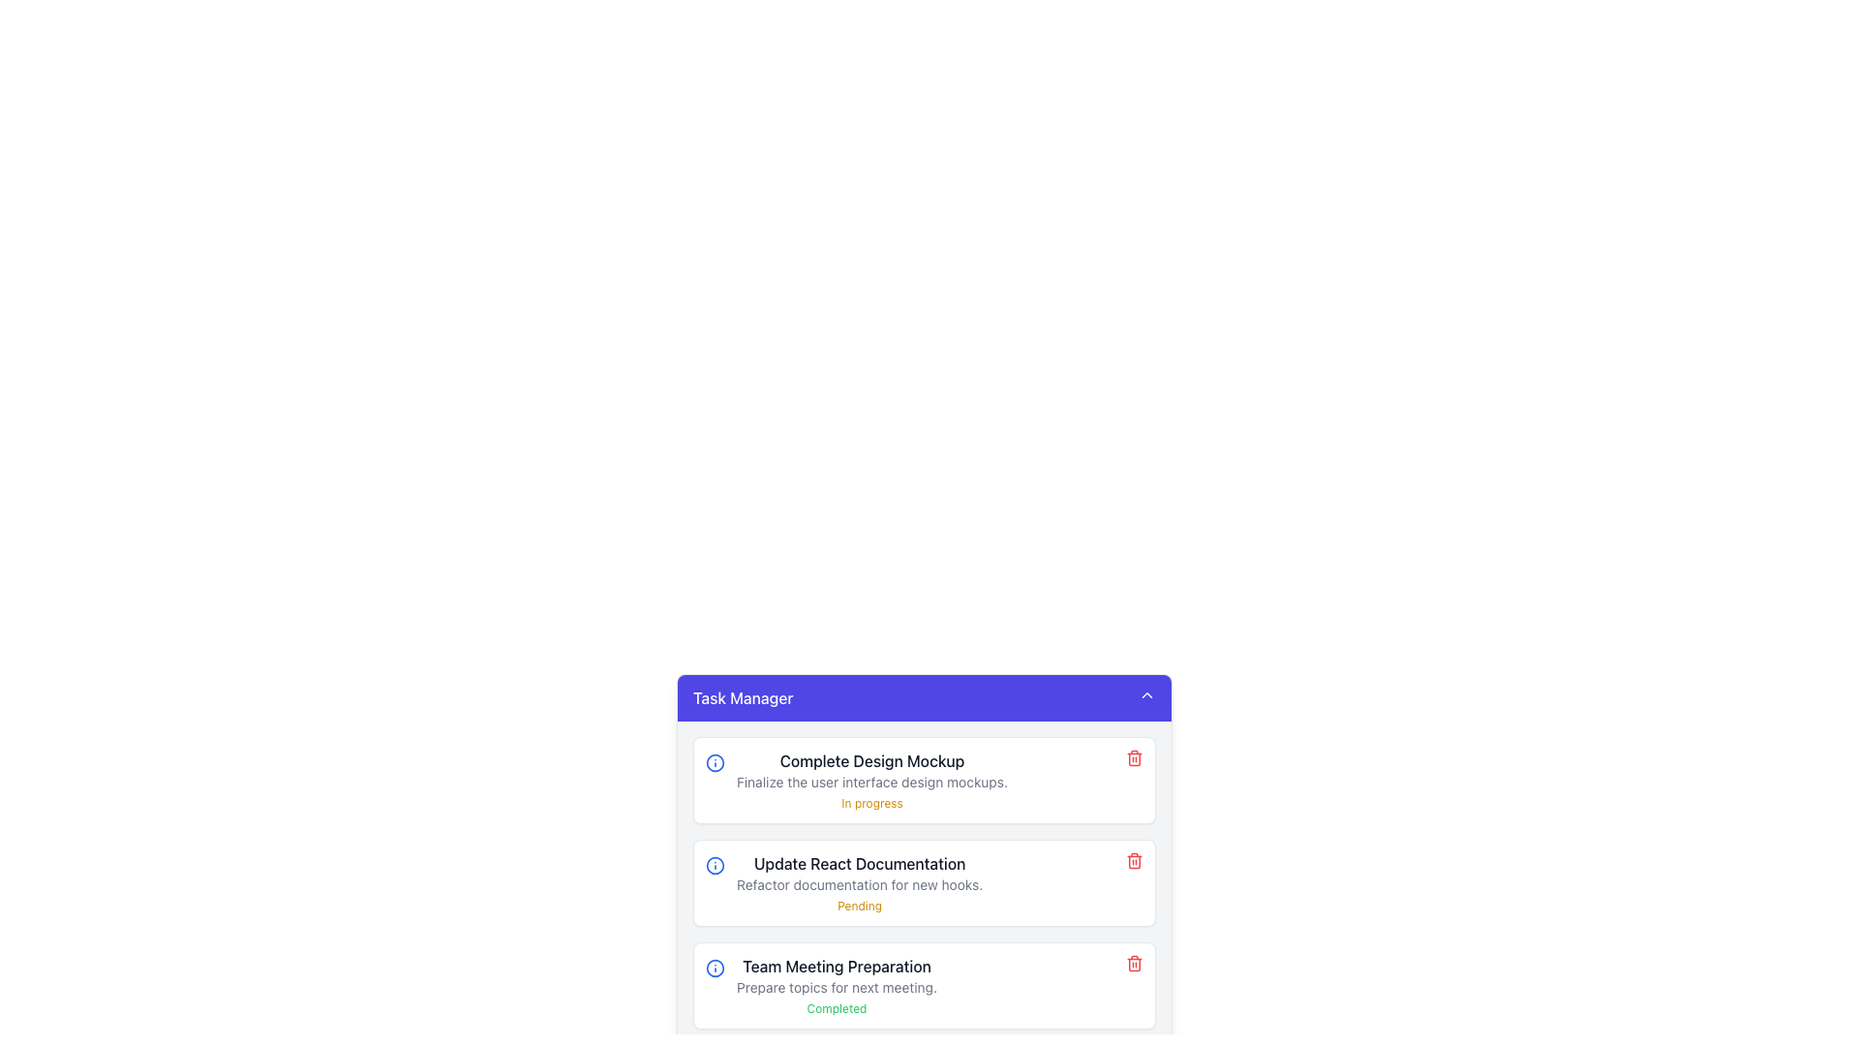  What do you see at coordinates (1134, 757) in the screenshot?
I see `the delete button located at the far right end of the entry labeled 'Complete Design Mockup' to observe the hover effect` at bounding box center [1134, 757].